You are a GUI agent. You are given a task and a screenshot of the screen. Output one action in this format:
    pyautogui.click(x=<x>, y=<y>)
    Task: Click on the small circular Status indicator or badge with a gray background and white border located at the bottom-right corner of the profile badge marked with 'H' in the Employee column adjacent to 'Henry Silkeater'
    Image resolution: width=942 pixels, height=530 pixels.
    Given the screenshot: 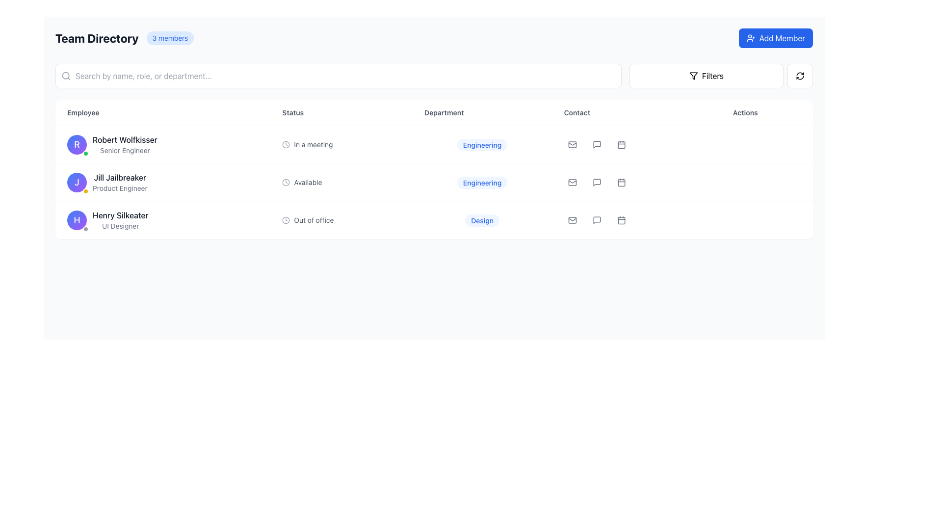 What is the action you would take?
    pyautogui.click(x=85, y=229)
    